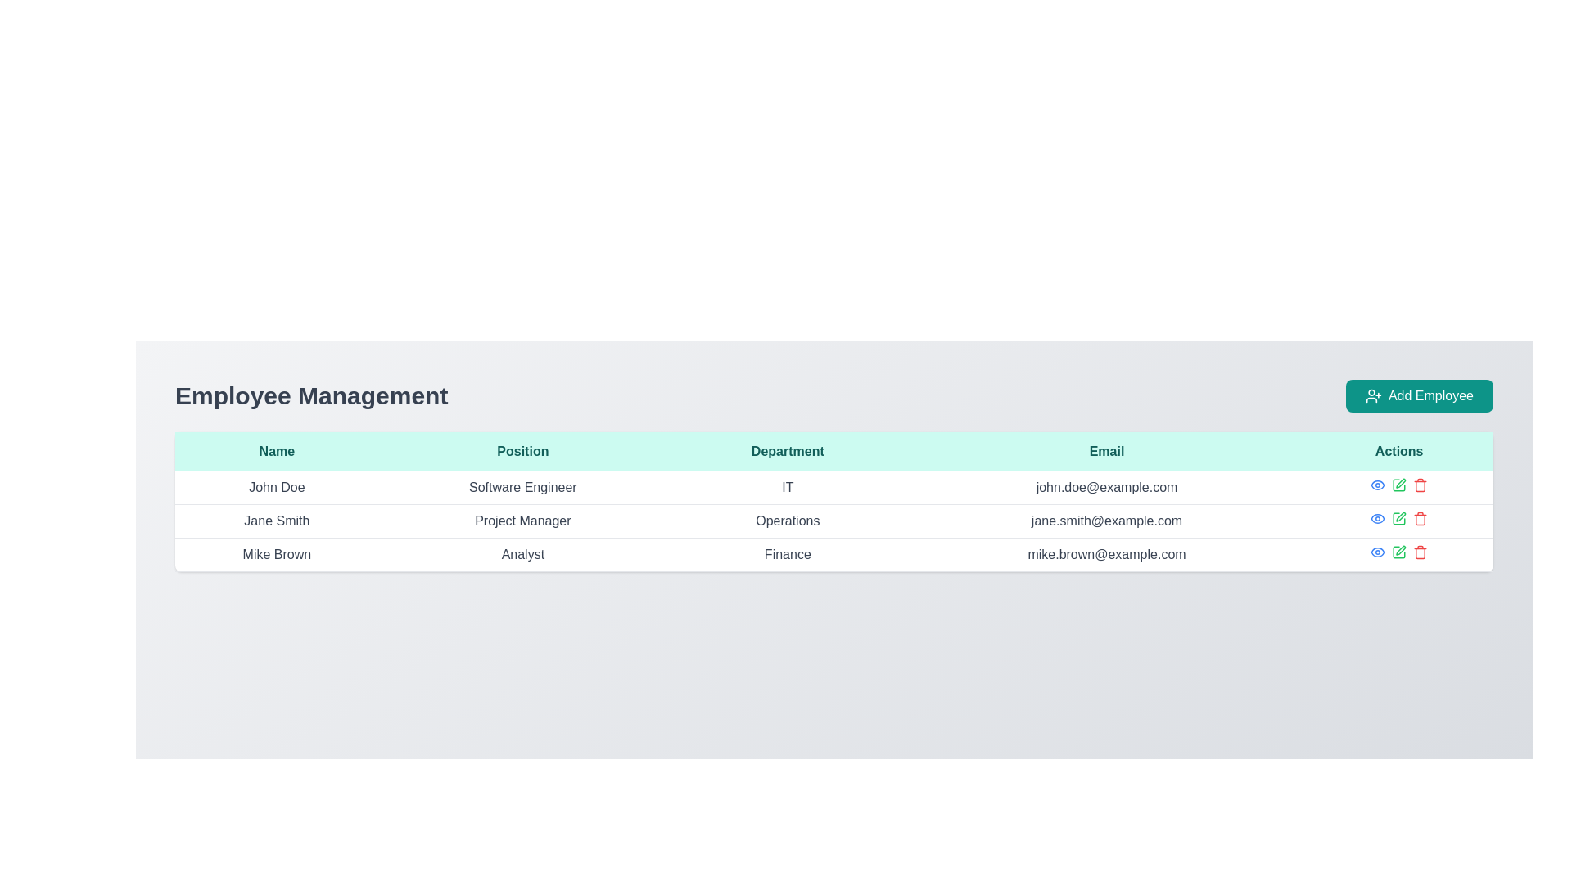 This screenshot has height=884, width=1572. Describe the element at coordinates (788, 487) in the screenshot. I see `text displayed in the 'Department' column for employee 'John Doe', which is 'IT'` at that location.